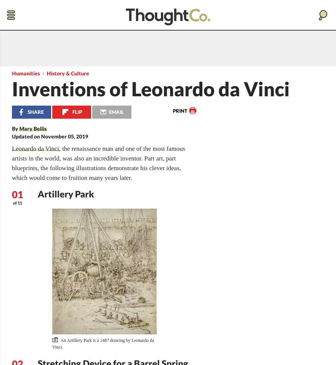 The image size is (336, 365). What do you see at coordinates (32, 128) in the screenshot?
I see `'Mary Bellis'` at bounding box center [32, 128].